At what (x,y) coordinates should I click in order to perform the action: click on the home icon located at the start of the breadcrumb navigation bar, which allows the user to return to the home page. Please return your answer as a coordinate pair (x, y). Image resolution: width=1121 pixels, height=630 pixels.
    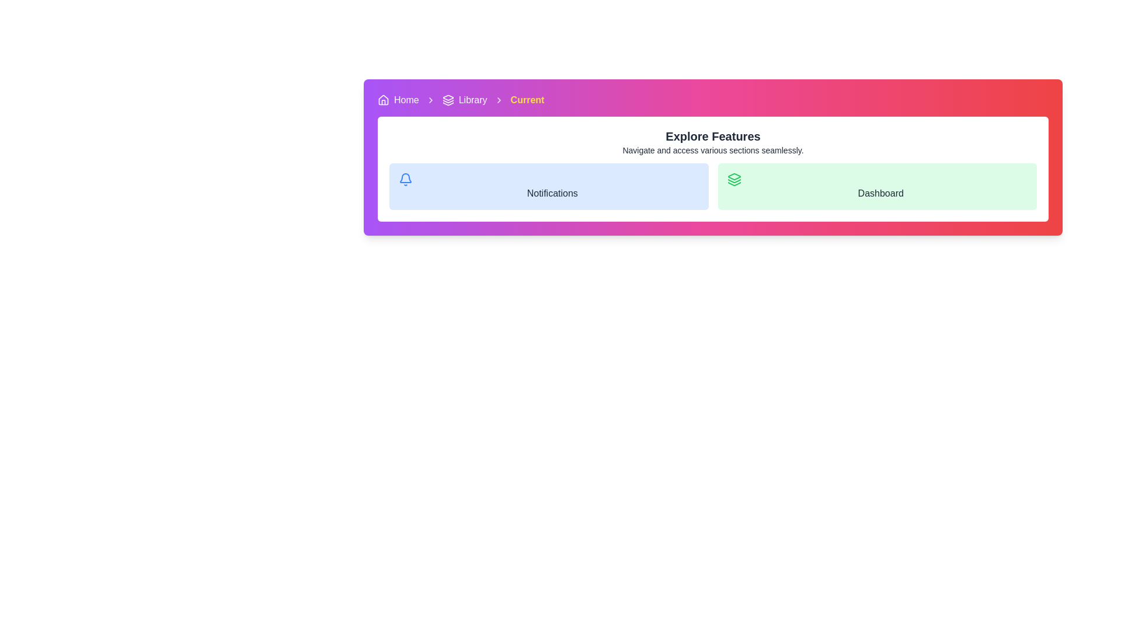
    Looking at the image, I should click on (384, 100).